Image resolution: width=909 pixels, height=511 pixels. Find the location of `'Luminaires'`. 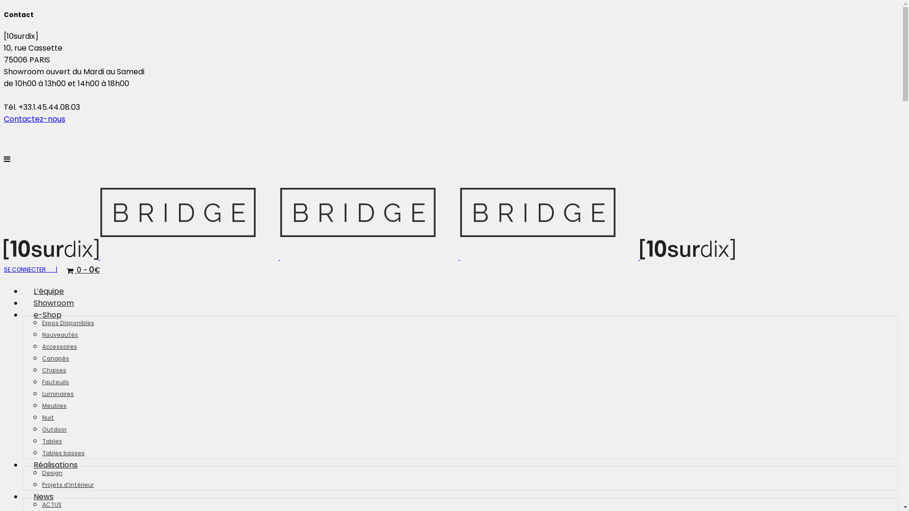

'Luminaires' is located at coordinates (57, 393).